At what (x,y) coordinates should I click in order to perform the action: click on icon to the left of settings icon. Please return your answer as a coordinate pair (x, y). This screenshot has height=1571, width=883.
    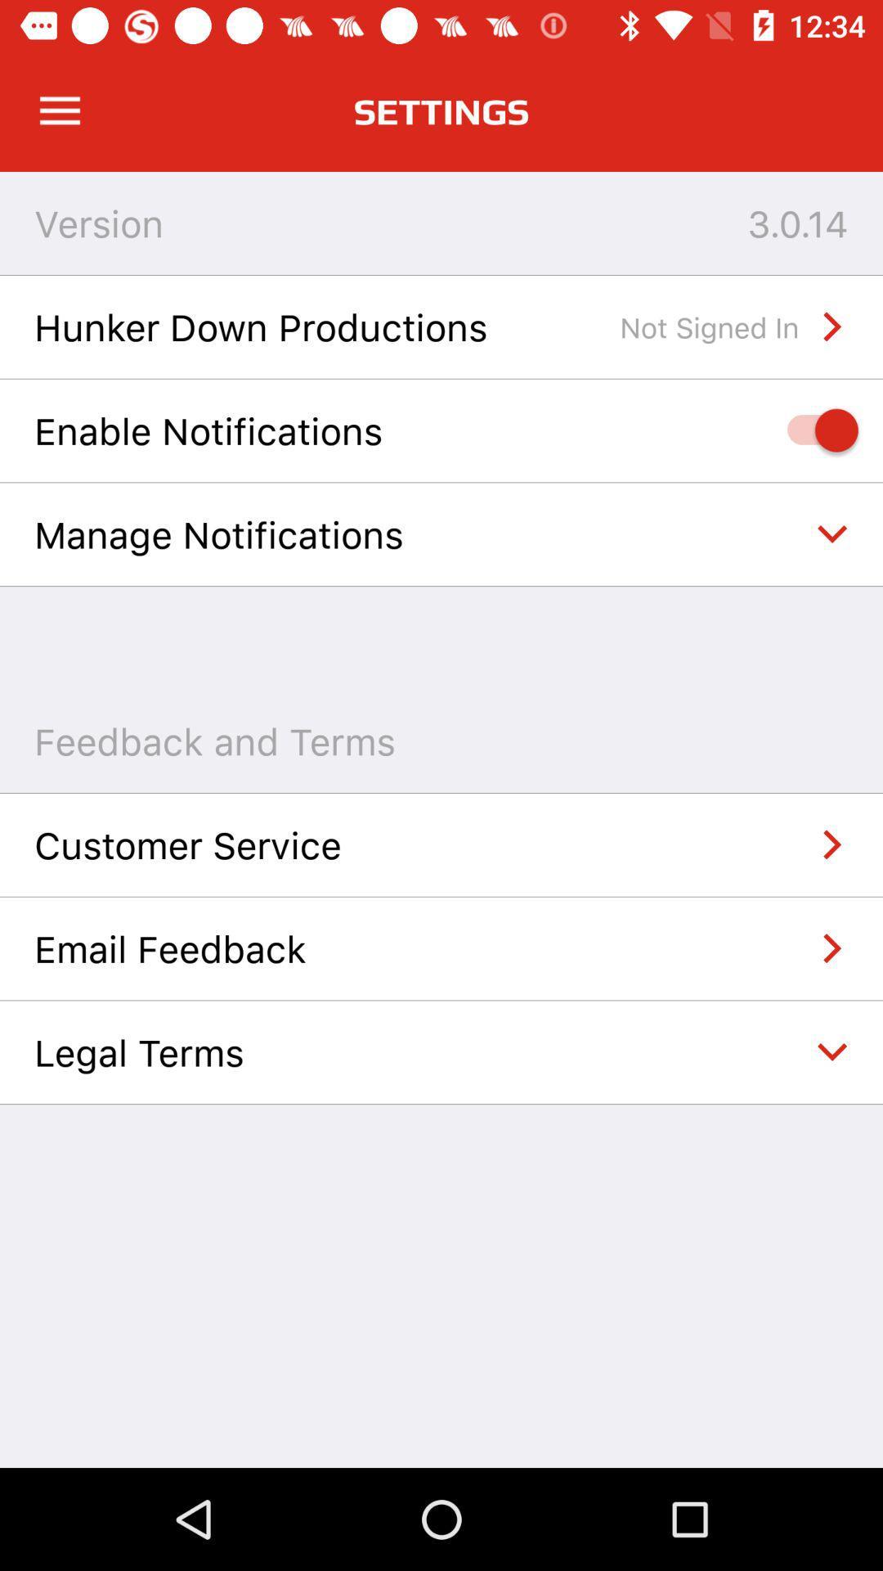
    Looking at the image, I should click on (59, 110).